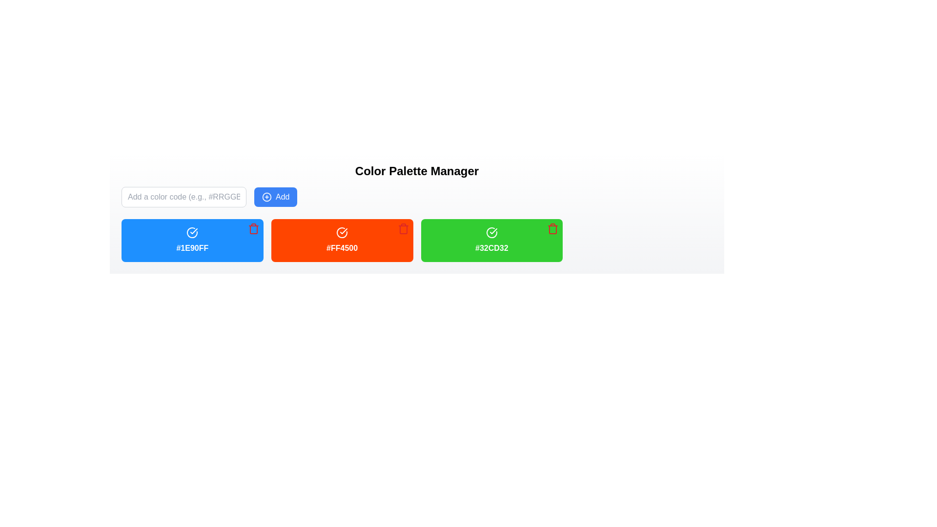  I want to click on the text element that displays the color code for the blue color palette, which is centrally aligned below a check icon in the first color item from the left, so click(192, 248).